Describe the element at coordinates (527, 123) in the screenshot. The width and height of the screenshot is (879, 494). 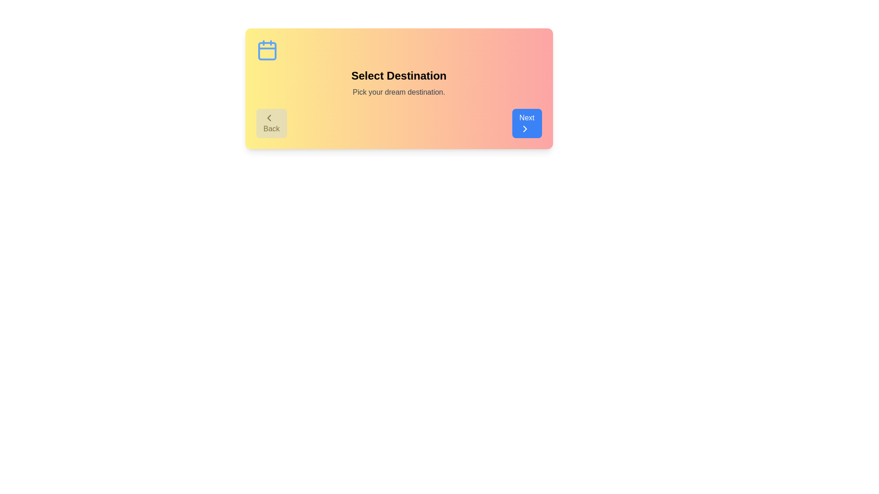
I see `the Next button to observe its hover effect` at that location.